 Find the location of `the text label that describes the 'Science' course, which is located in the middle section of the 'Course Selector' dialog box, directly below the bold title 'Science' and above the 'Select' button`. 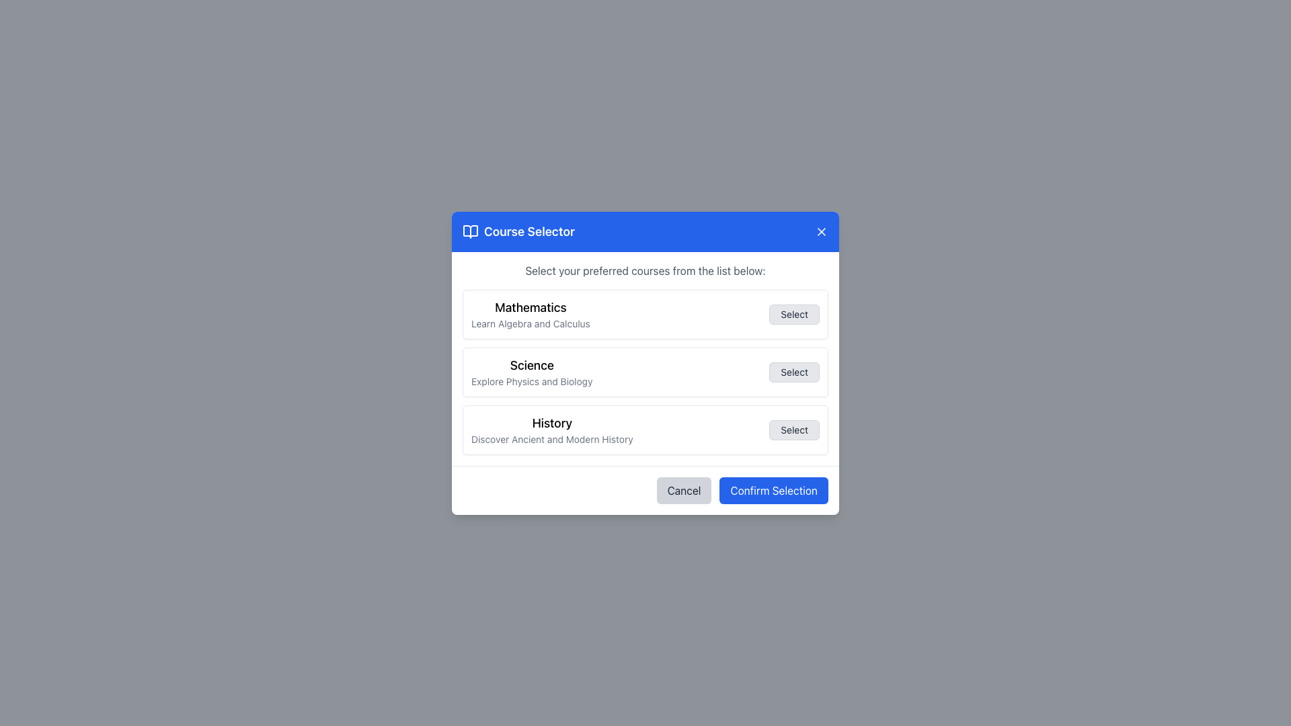

the text label that describes the 'Science' course, which is located in the middle section of the 'Course Selector' dialog box, directly below the bold title 'Science' and above the 'Select' button is located at coordinates (531, 381).